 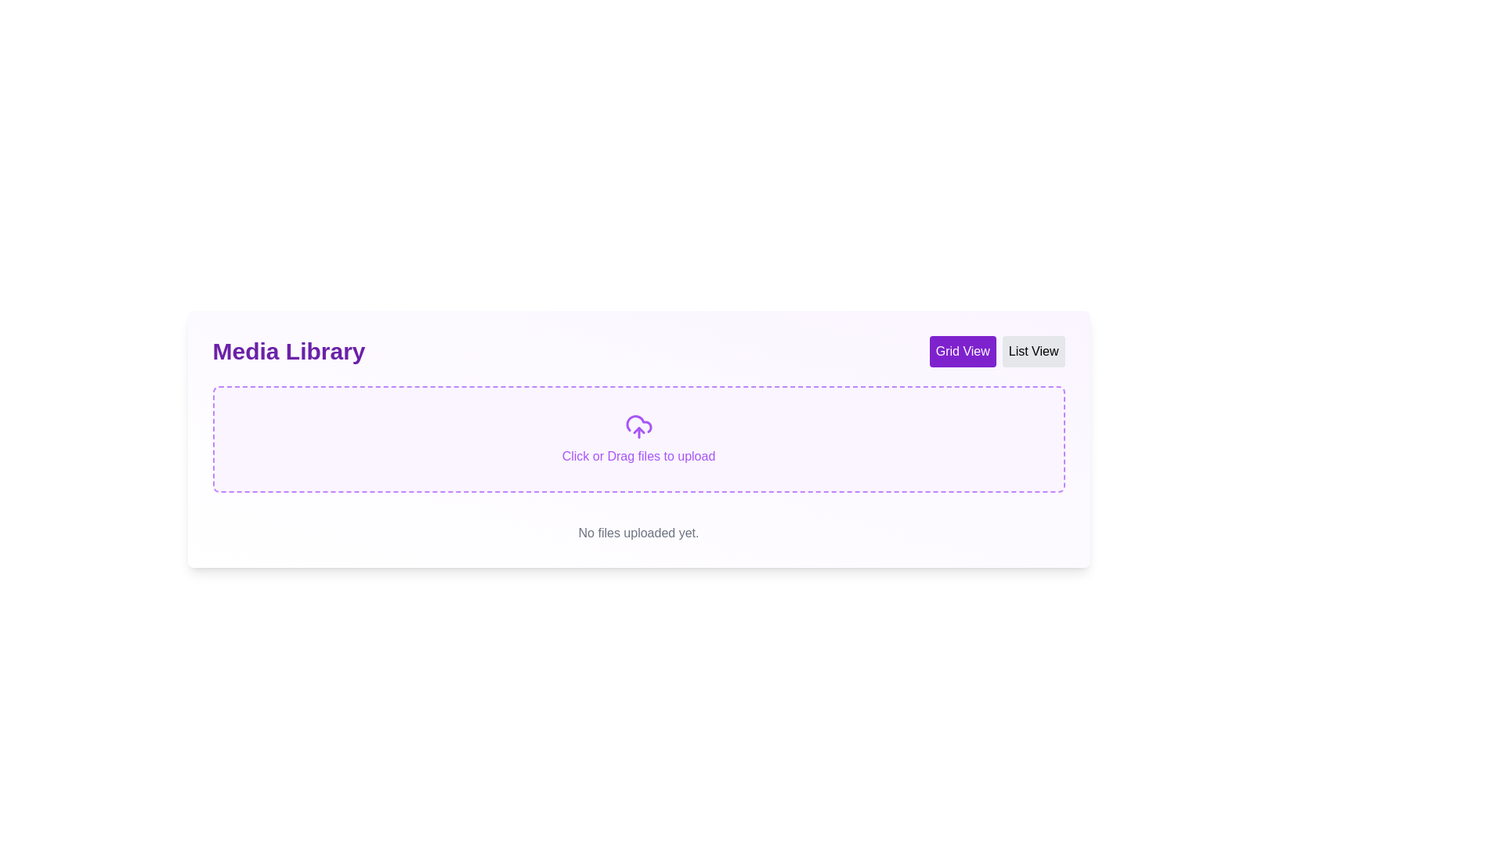 What do you see at coordinates (962, 350) in the screenshot?
I see `the grid view toggle button located at the top-right corner of the interface` at bounding box center [962, 350].